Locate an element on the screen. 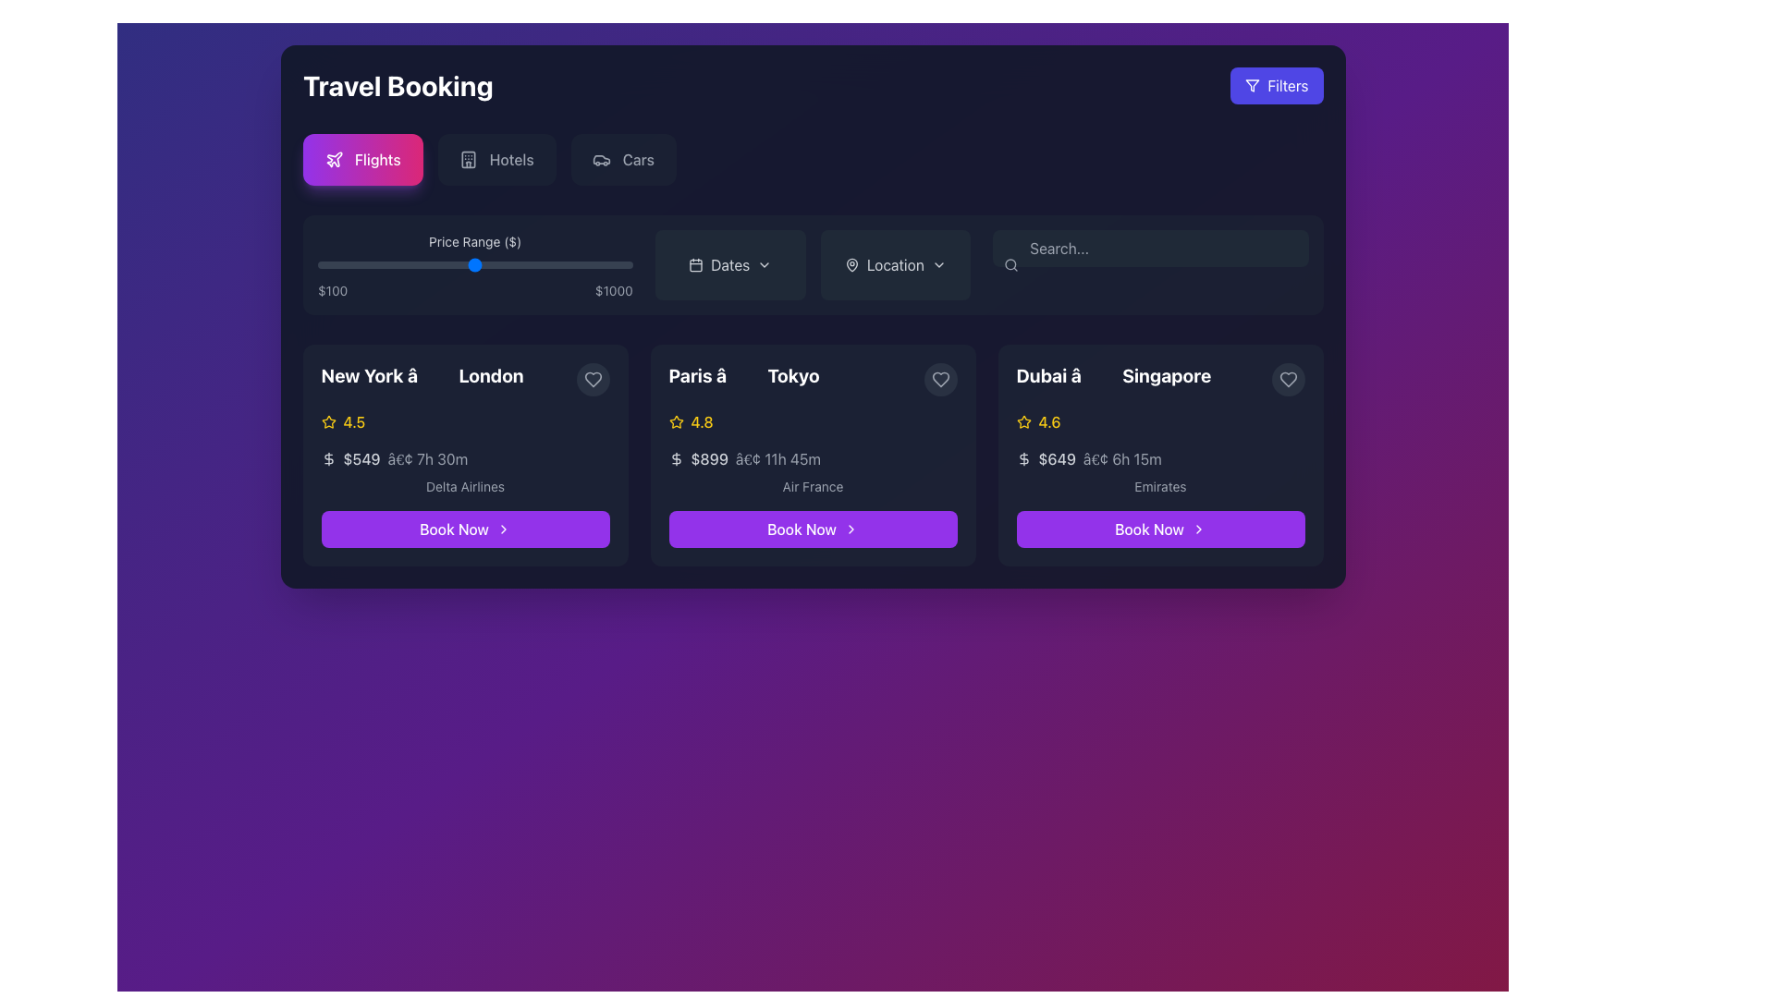 The height and width of the screenshot is (998, 1775). the currency symbol icon indicating the price is in dollars for the Paris to Tokyo flight information card is located at coordinates (675, 458).